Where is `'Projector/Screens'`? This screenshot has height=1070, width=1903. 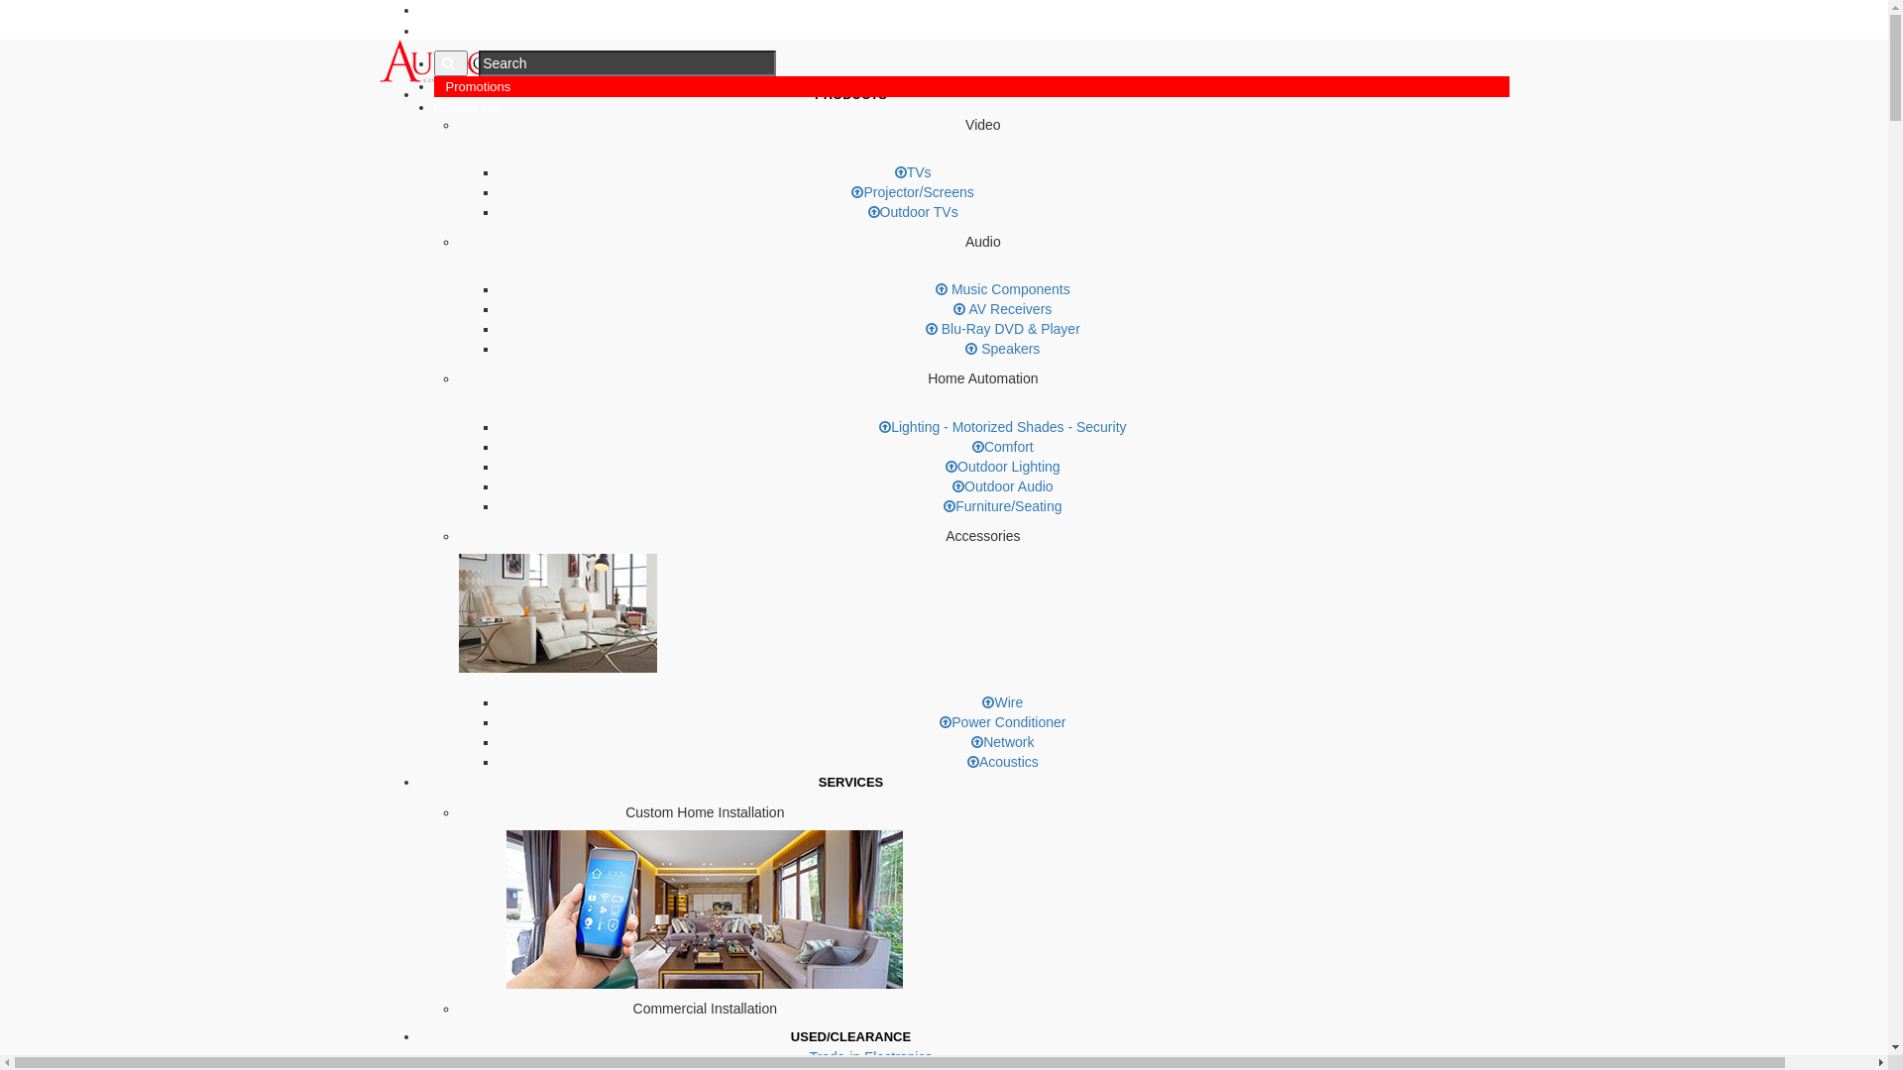 'Projector/Screens' is located at coordinates (851, 191).